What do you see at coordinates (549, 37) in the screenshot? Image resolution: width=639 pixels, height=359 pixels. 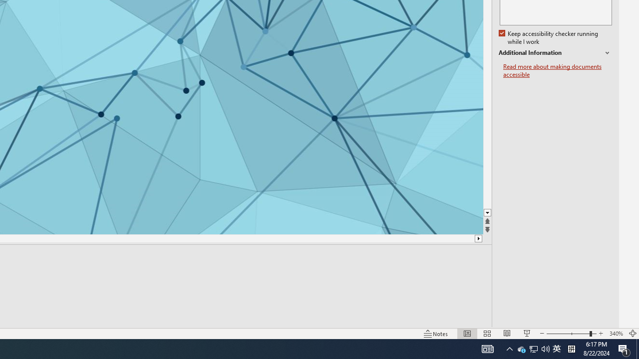 I see `'Keep accessibility checker running while I work'` at bounding box center [549, 37].